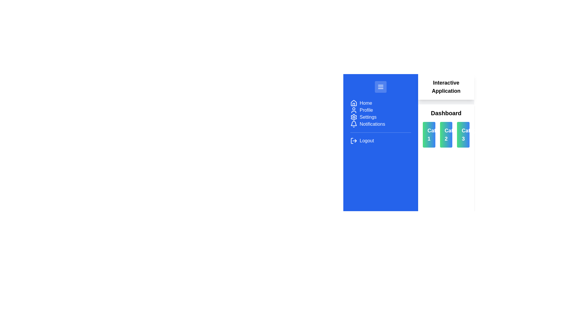 This screenshot has width=561, height=315. I want to click on the 'Category 2' element under the 'Dashboard' title to access detailed options, so click(446, 128).